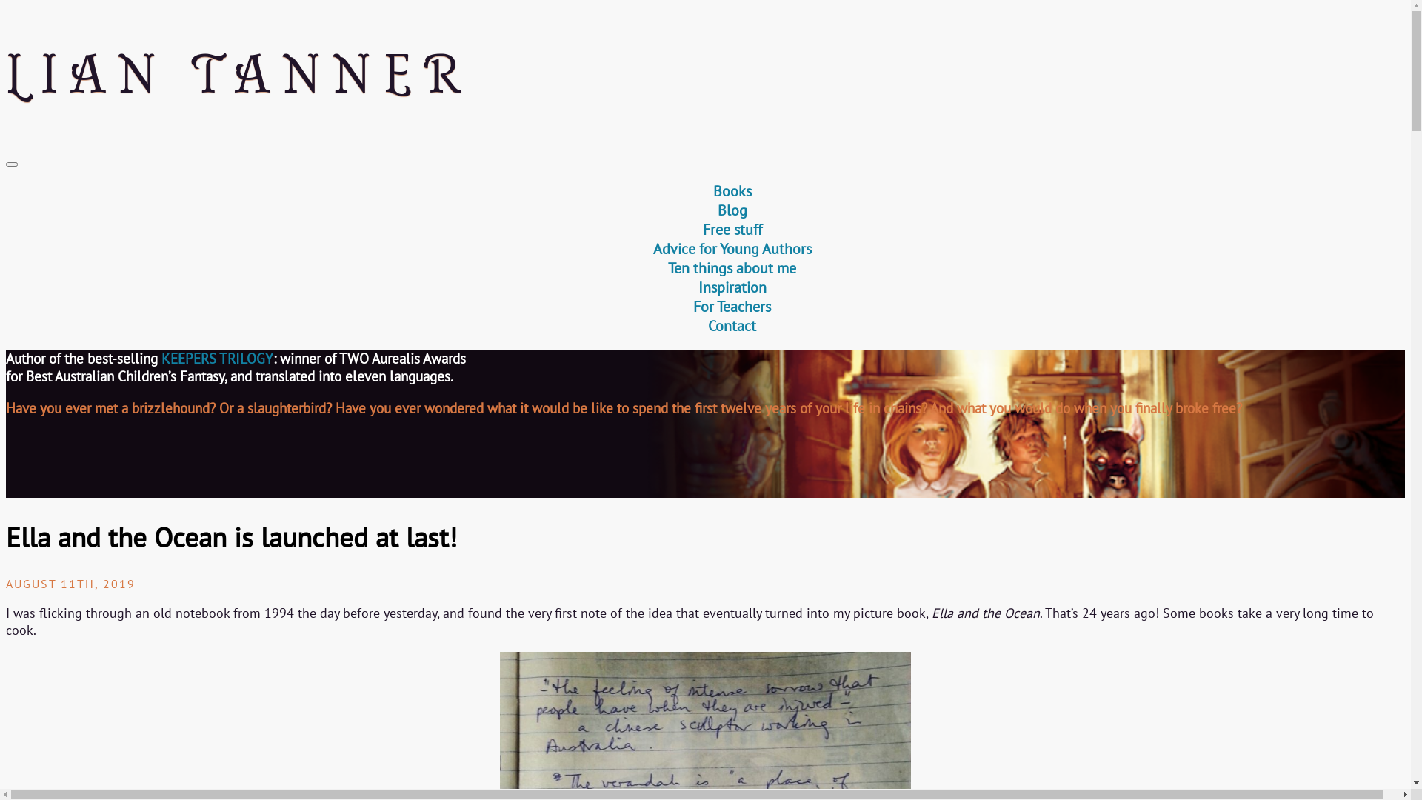 Image resolution: width=1422 pixels, height=800 pixels. Describe the element at coordinates (732, 268) in the screenshot. I see `'Ten things about me'` at that location.